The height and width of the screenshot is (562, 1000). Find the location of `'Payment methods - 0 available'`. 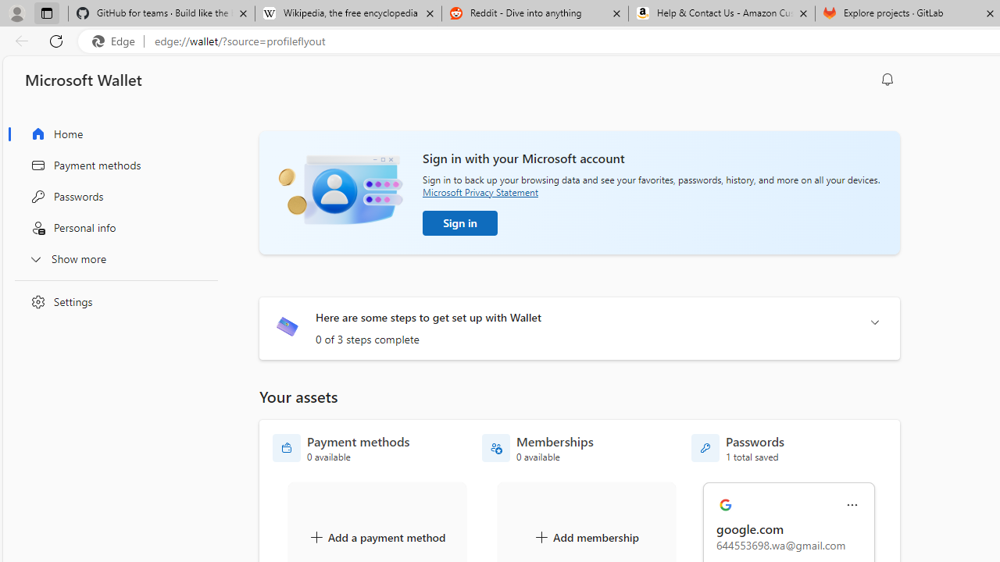

'Payment methods - 0 available' is located at coordinates (341, 448).